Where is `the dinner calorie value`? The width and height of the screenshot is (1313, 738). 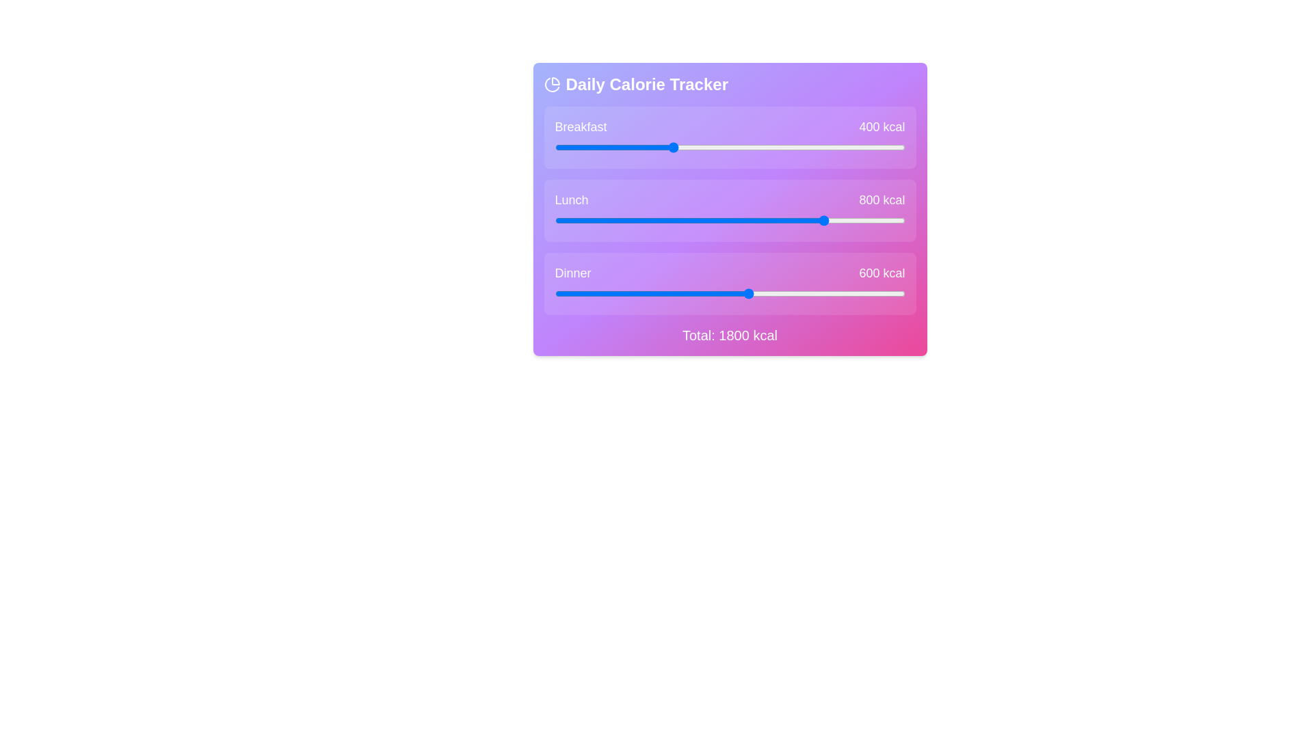
the dinner calorie value is located at coordinates (826, 292).